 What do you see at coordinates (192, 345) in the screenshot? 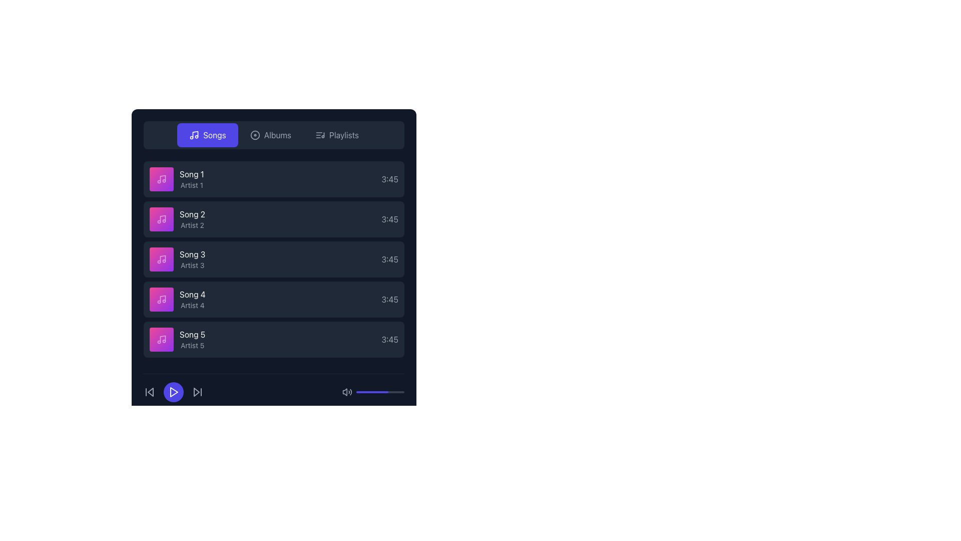
I see `the non-interactive Label/Text Display that provides information about the artist associated with 'Song 5', located below the song number and icon in the vertical list of songs` at bounding box center [192, 345].